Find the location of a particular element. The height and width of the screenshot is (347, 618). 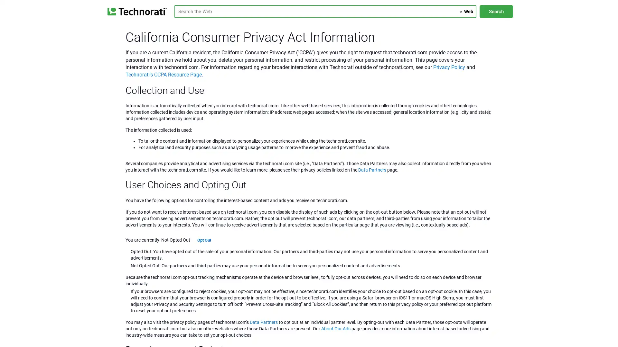

Search is located at coordinates (496, 11).